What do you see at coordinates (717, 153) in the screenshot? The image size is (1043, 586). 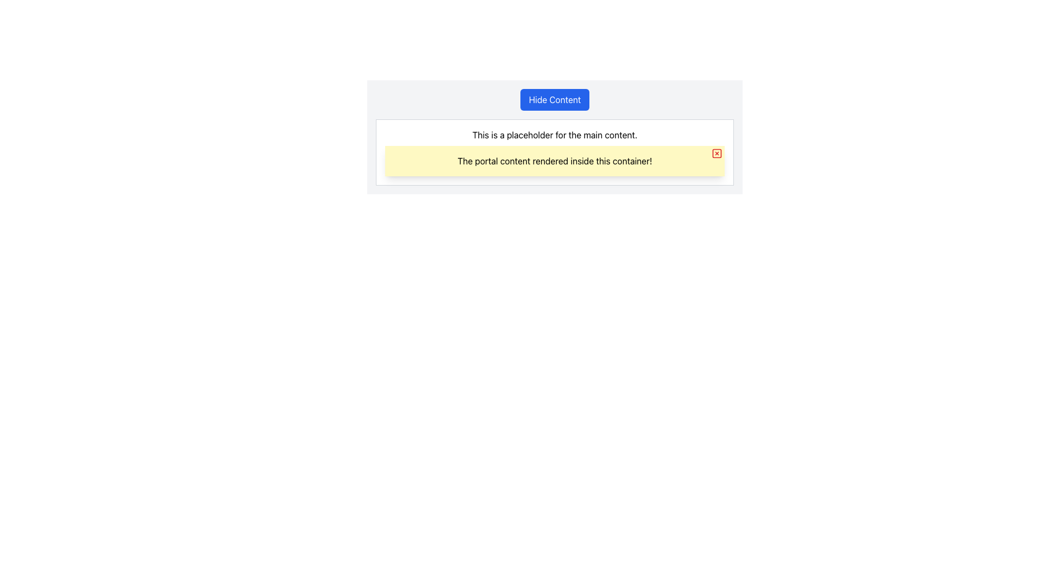 I see `the close button located at the top-right corner of the pale yellow notification box` at bounding box center [717, 153].